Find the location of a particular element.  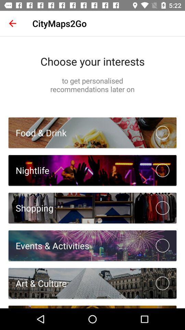

events & activities item is located at coordinates (48, 245).